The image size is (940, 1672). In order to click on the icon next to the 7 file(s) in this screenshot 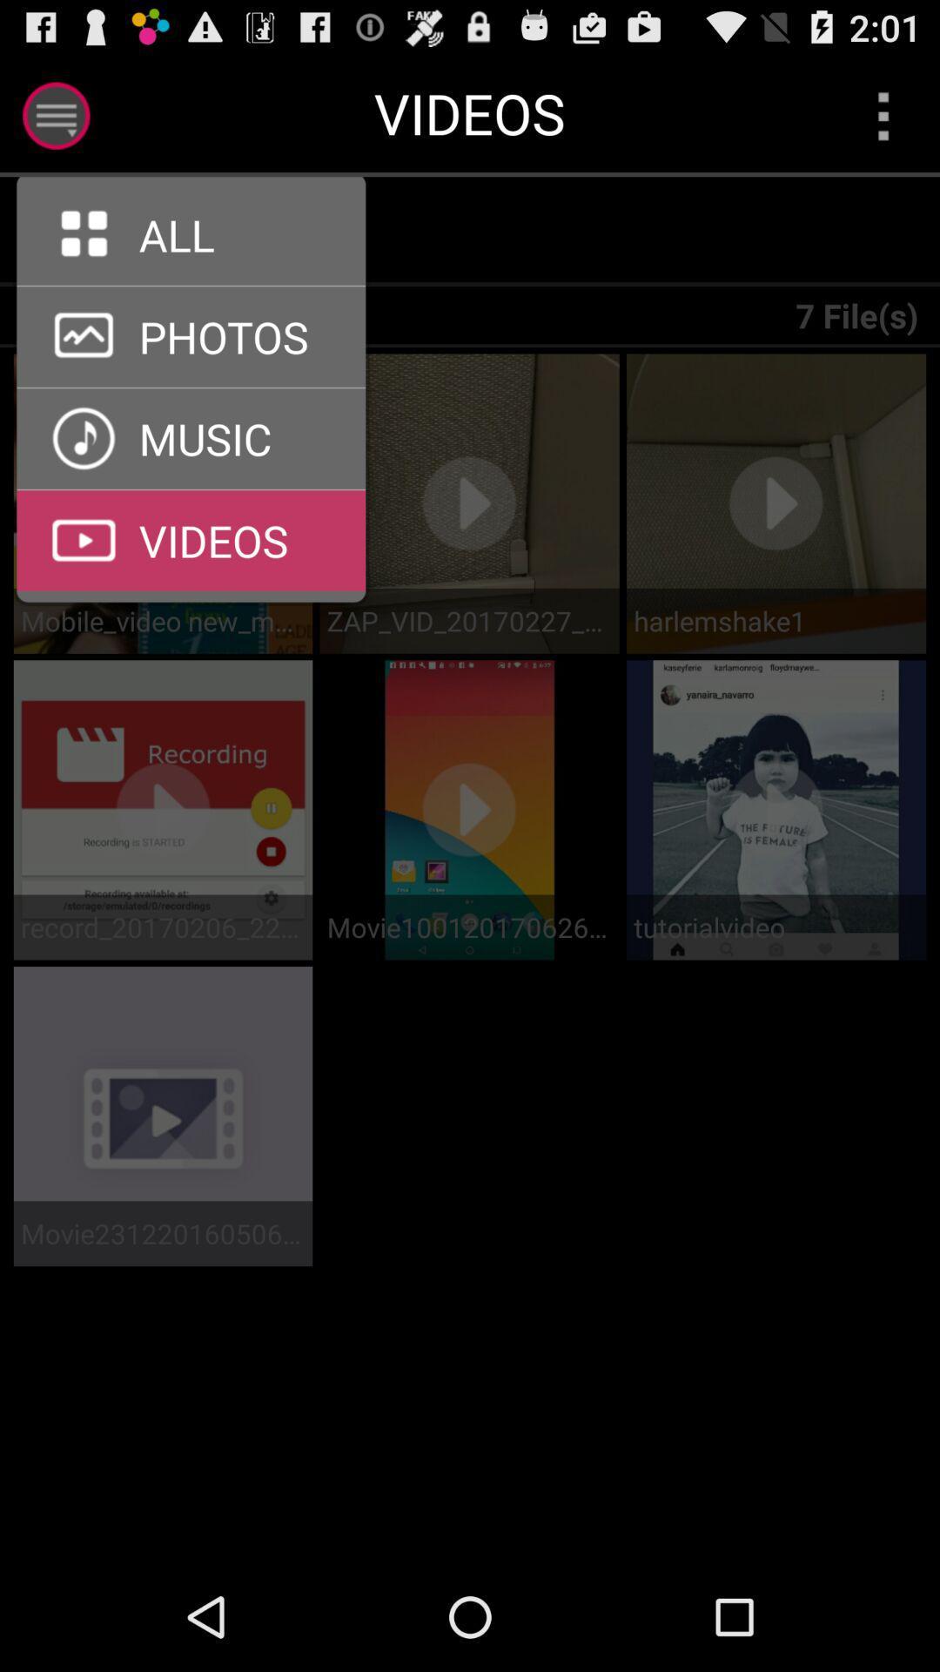, I will do `click(201, 231)`.